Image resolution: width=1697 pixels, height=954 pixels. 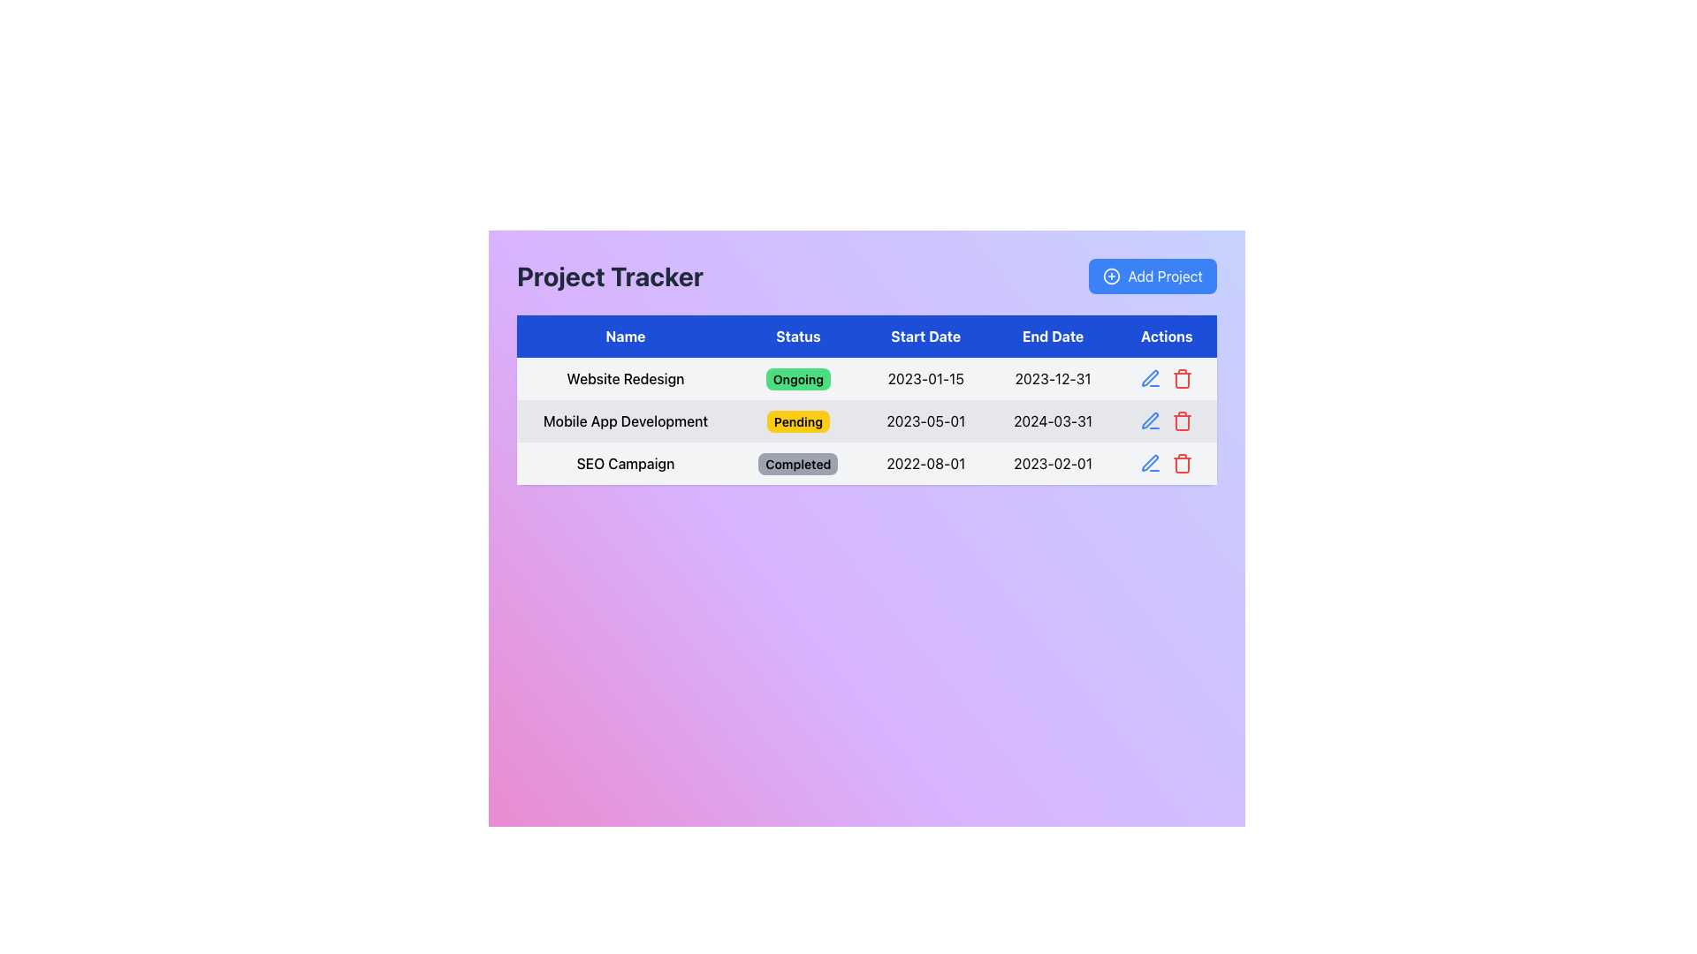 What do you see at coordinates (1150, 462) in the screenshot?
I see `the blue pen icon in the 'Actions' column of the second row to initiate editing for the Mobile App Development project` at bounding box center [1150, 462].